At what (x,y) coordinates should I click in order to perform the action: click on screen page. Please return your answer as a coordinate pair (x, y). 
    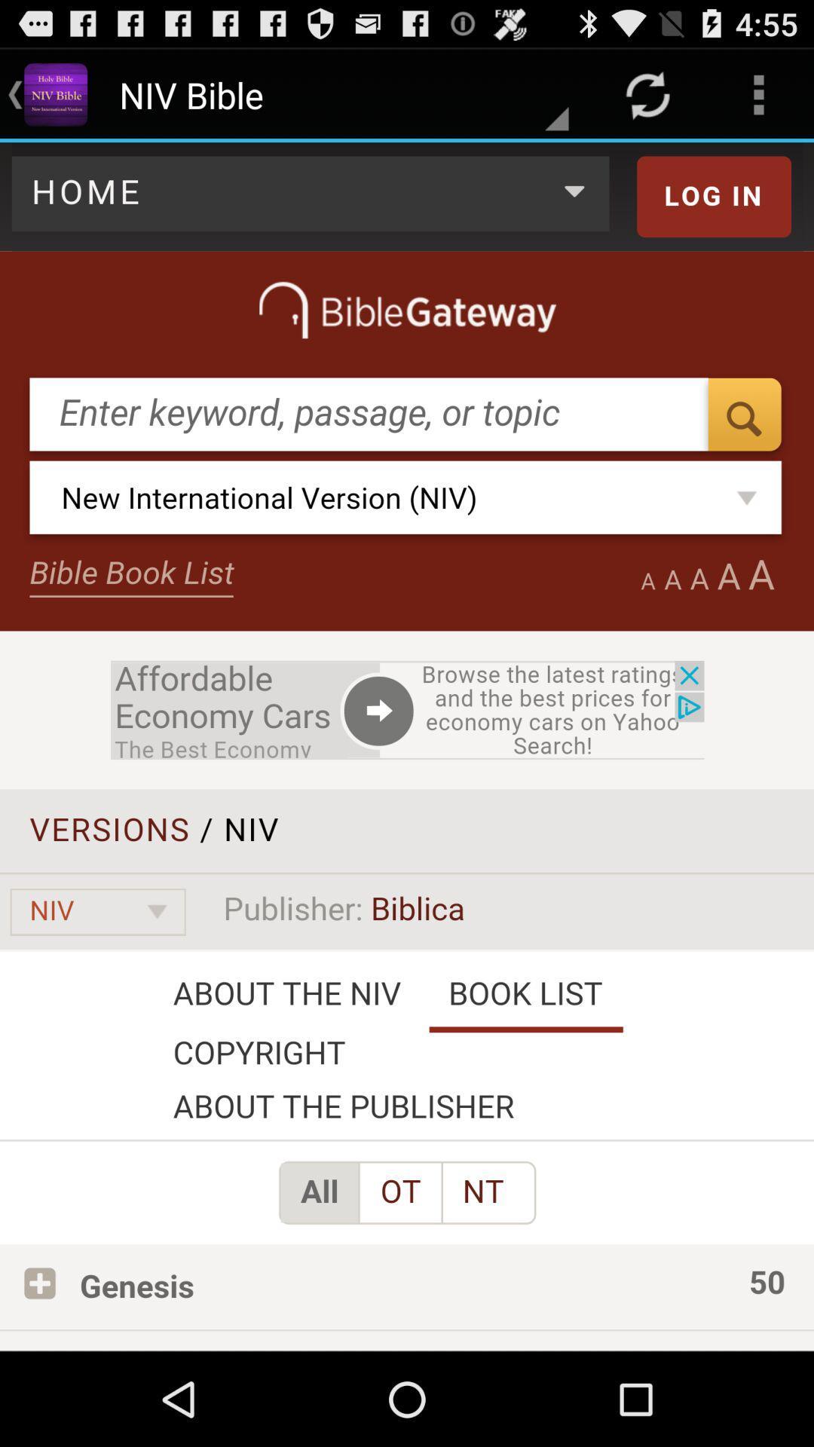
    Looking at the image, I should click on (407, 746).